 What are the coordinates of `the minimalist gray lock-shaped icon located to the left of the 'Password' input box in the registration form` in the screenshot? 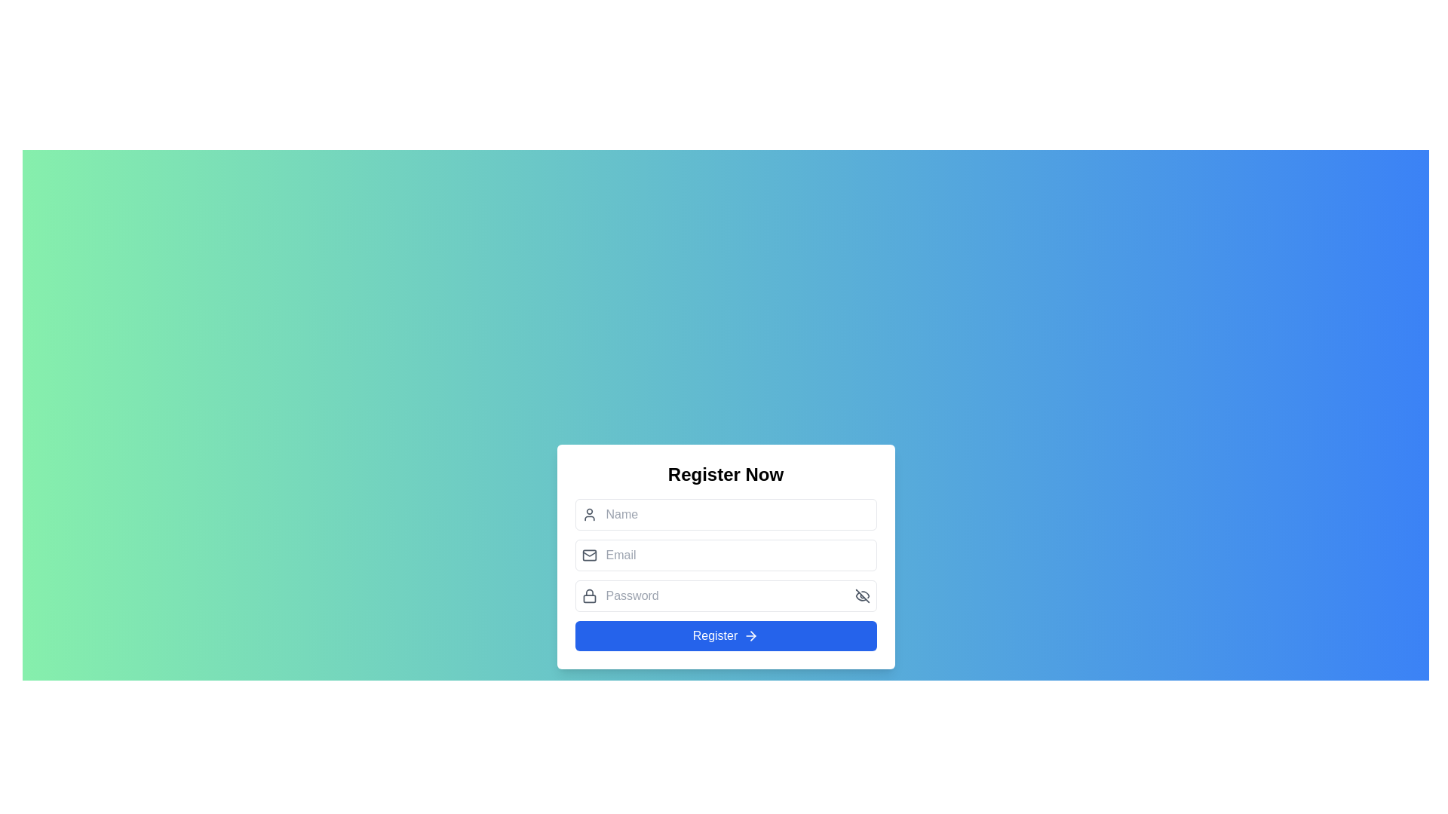 It's located at (588, 595).